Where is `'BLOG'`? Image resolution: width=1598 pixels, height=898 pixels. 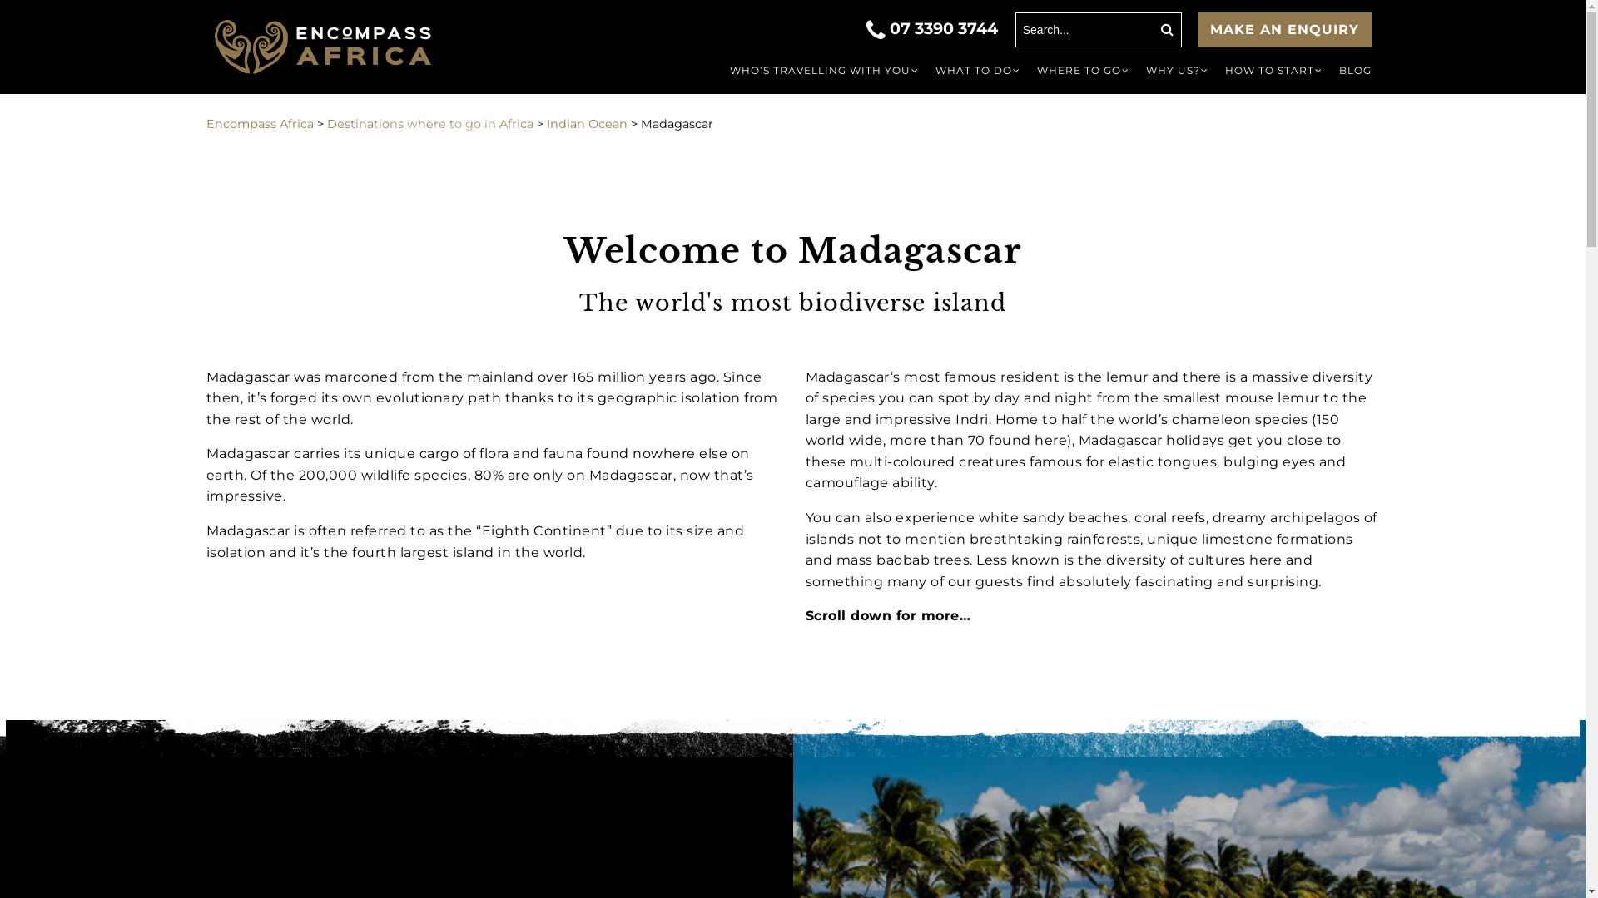
'BLOG' is located at coordinates (1354, 69).